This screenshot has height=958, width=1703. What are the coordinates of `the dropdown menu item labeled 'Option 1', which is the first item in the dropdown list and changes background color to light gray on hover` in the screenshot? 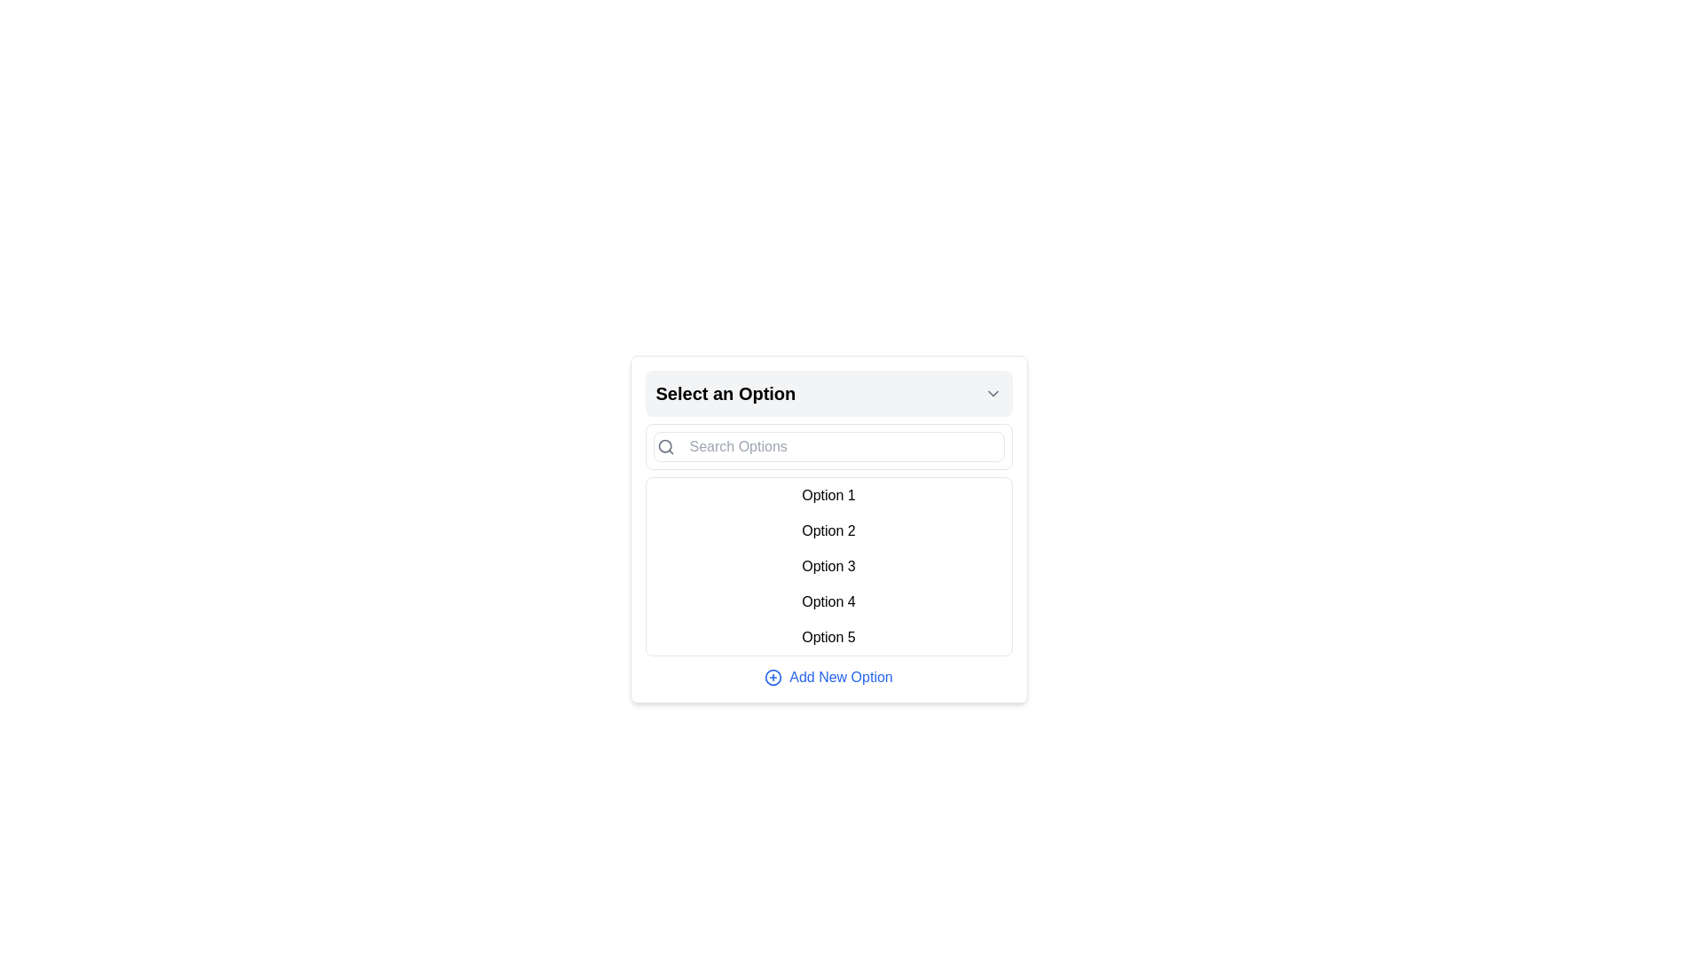 It's located at (828, 496).